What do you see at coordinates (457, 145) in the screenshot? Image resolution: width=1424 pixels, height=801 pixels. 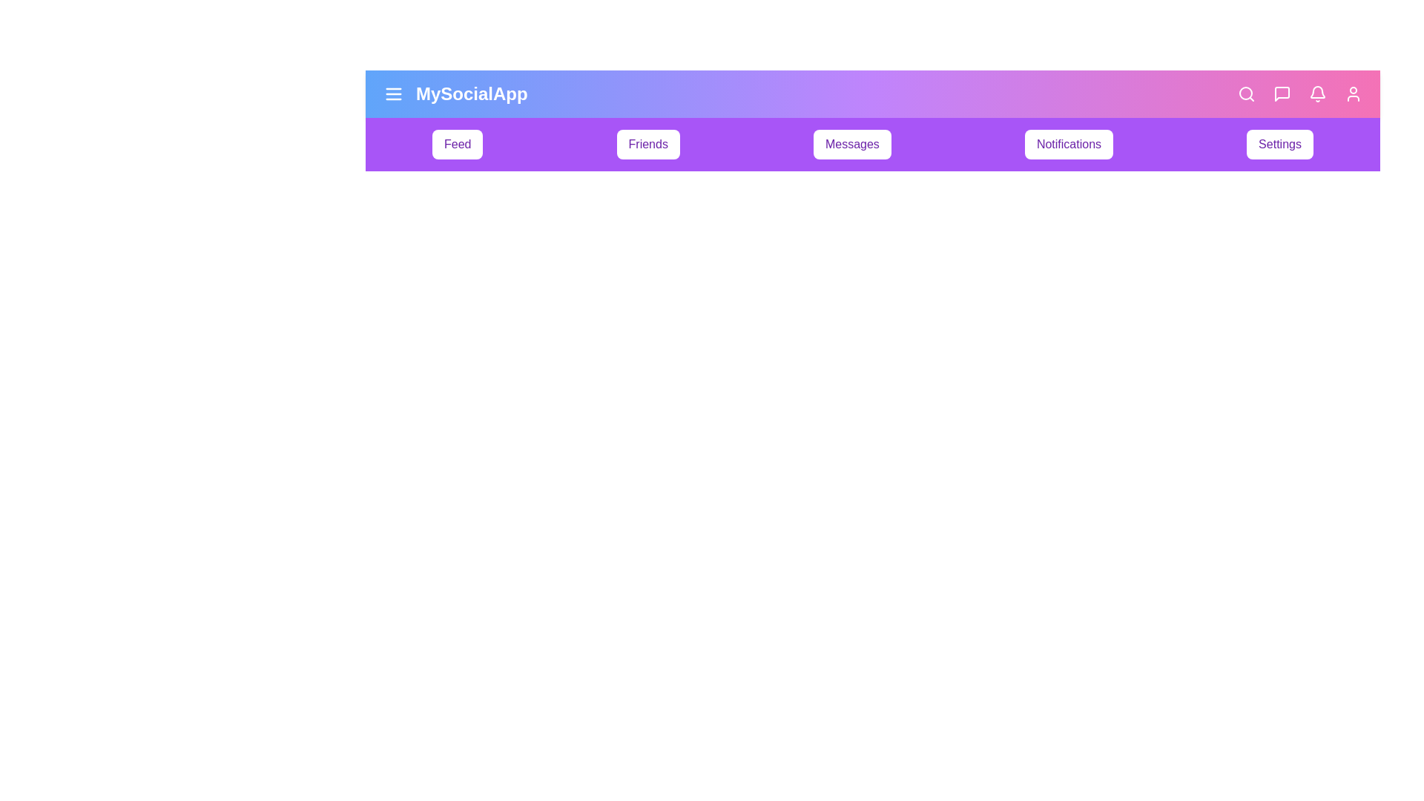 I see `the menu item Feed to observe its hover effect` at bounding box center [457, 145].